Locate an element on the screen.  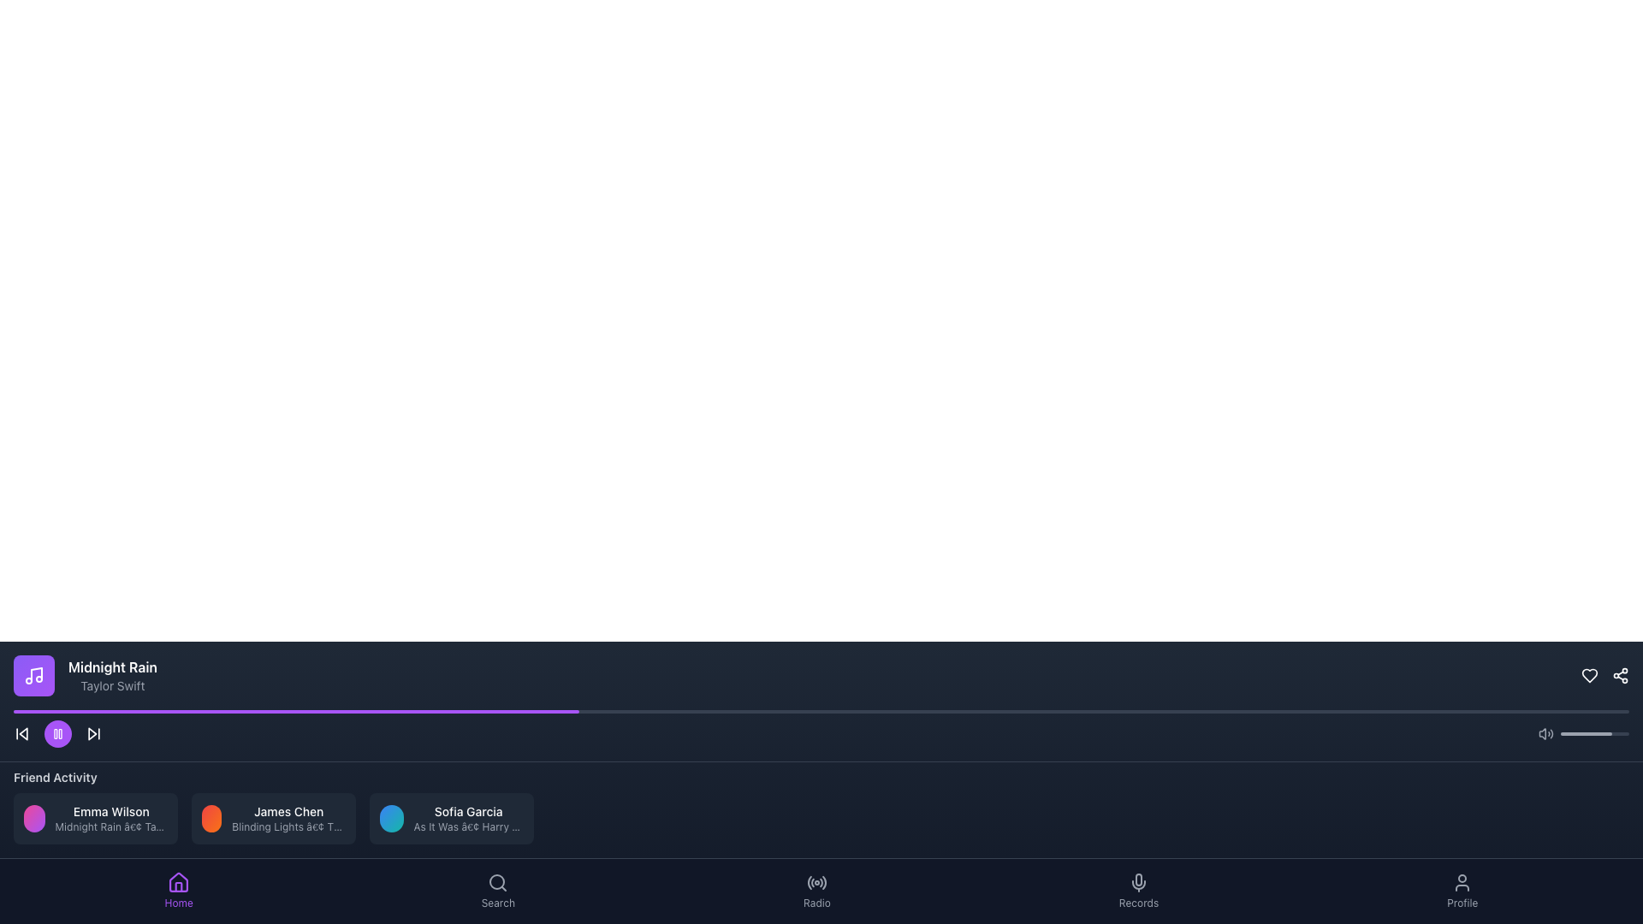
the triangular-shaped forward playback button located at the bottom center of the interface to skip to the next item is located at coordinates (92, 732).